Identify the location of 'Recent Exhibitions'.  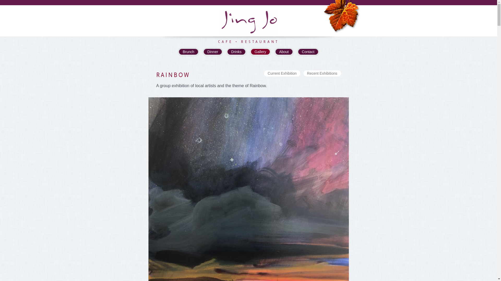
(322, 73).